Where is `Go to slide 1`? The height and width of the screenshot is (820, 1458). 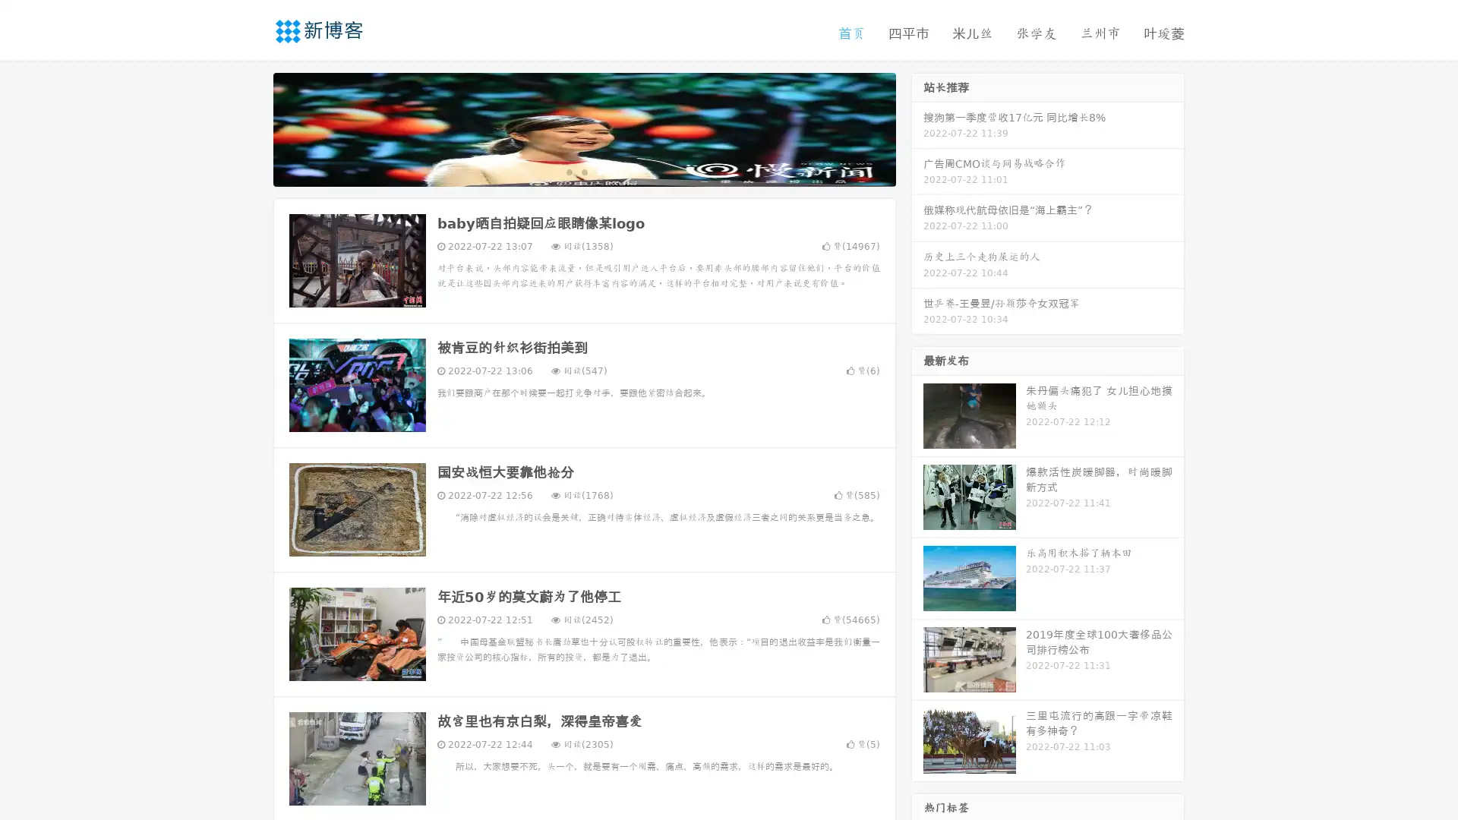 Go to slide 1 is located at coordinates (568, 171).